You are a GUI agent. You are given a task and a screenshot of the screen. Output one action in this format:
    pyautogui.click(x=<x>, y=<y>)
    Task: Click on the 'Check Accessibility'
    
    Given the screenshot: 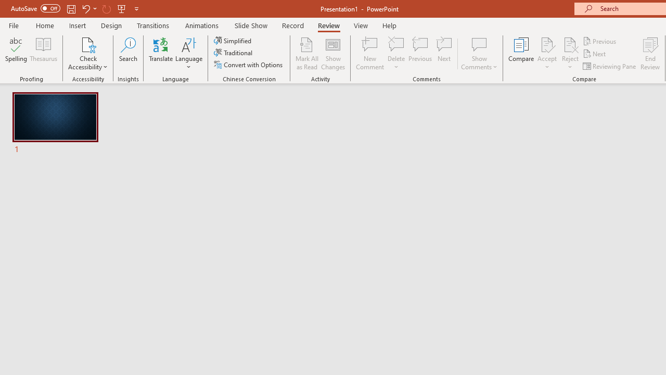 What is the action you would take?
    pyautogui.click(x=88, y=54)
    